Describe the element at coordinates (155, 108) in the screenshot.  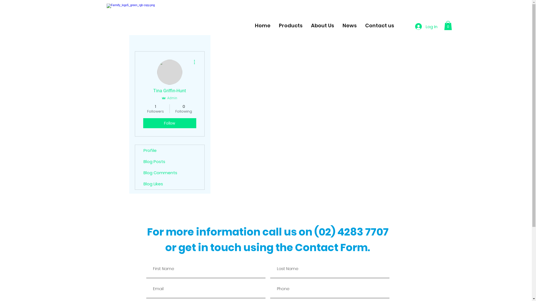
I see `'1` at that location.